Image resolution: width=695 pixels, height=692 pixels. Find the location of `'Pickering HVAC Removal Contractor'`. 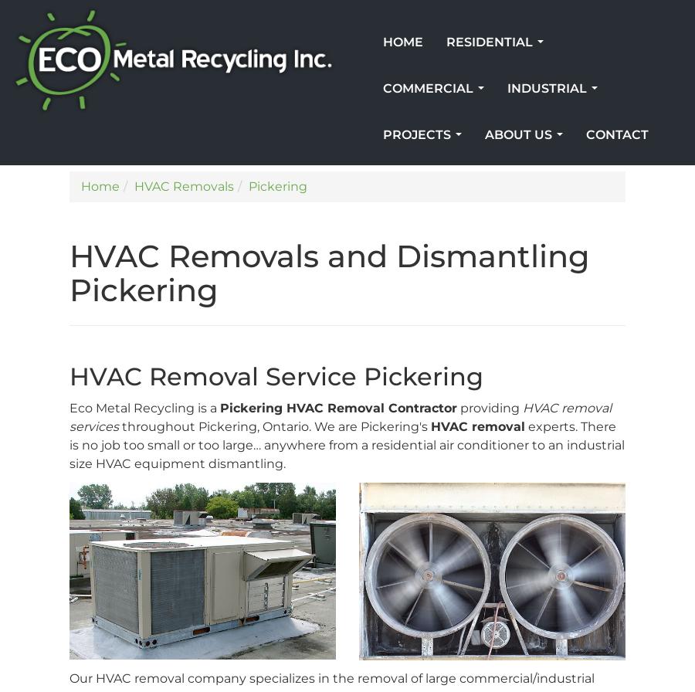

'Pickering HVAC Removal Contractor' is located at coordinates (338, 408).